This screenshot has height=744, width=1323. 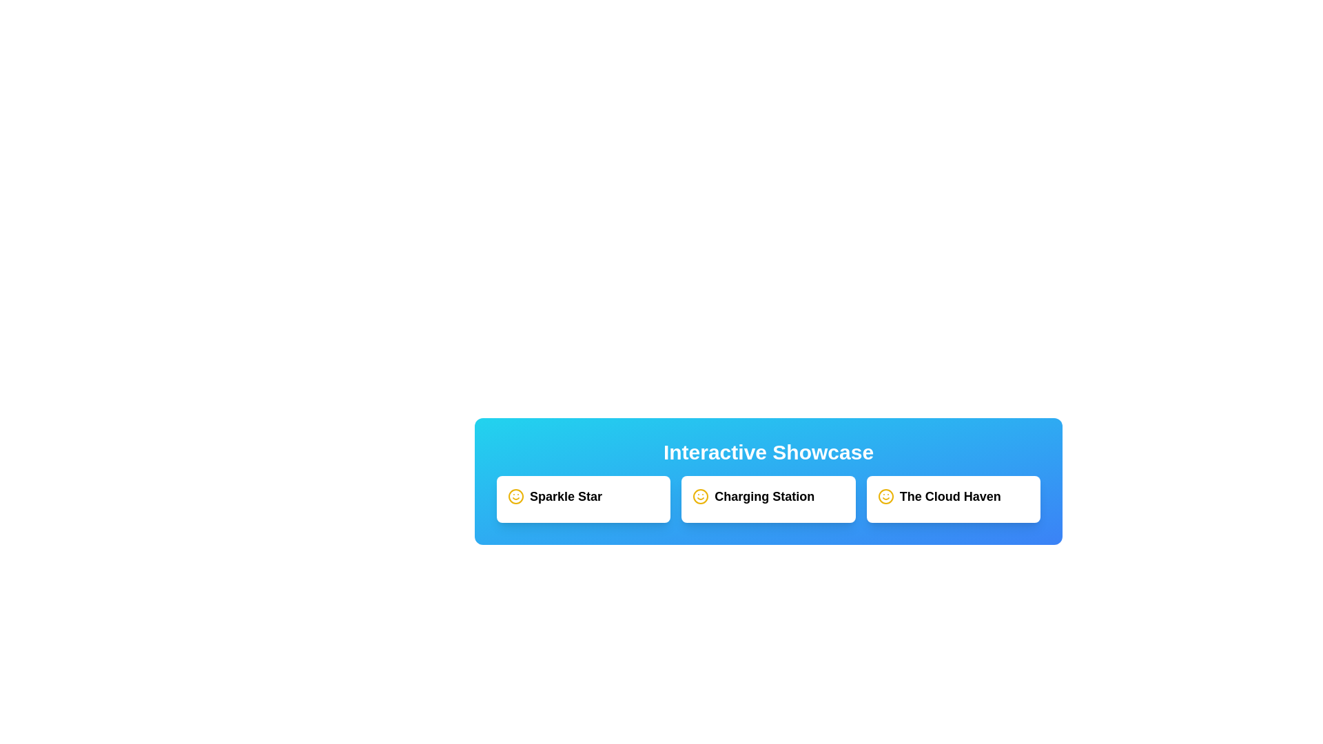 What do you see at coordinates (952, 497) in the screenshot?
I see `the text label 'The Cloud Haven' with a yellow smiley face icon, which is located inside the third box of a horizontally aligned series of three boxes within the gradient blue banner labeled 'Interactive Showcase'` at bounding box center [952, 497].